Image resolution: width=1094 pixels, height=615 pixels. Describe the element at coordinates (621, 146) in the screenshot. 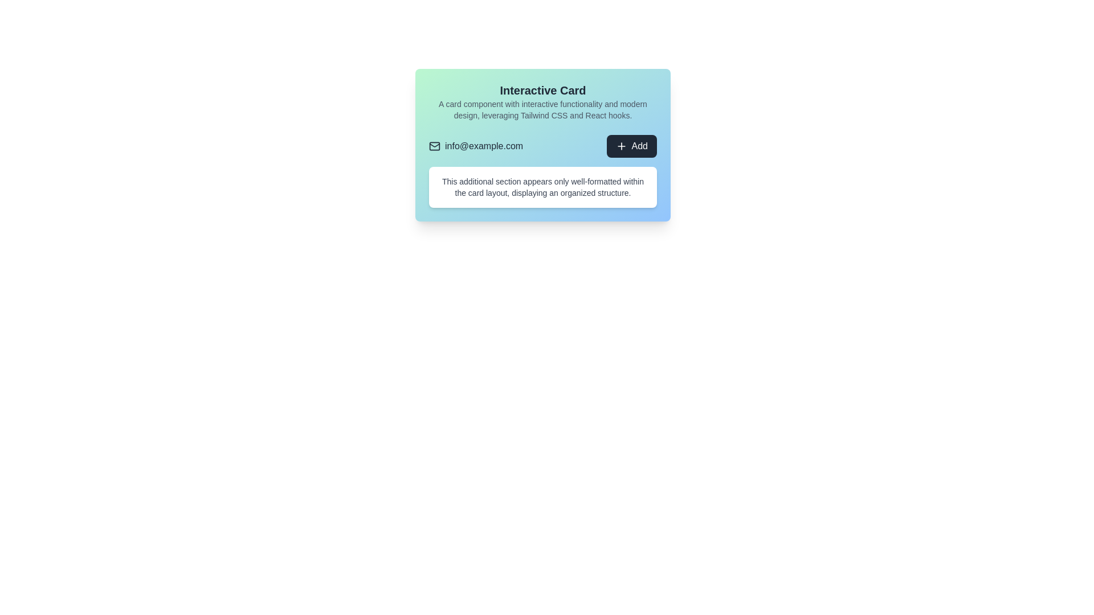

I see `the appearance of the '+' icon located within the 'Add' button in the top-right area of the card` at that location.